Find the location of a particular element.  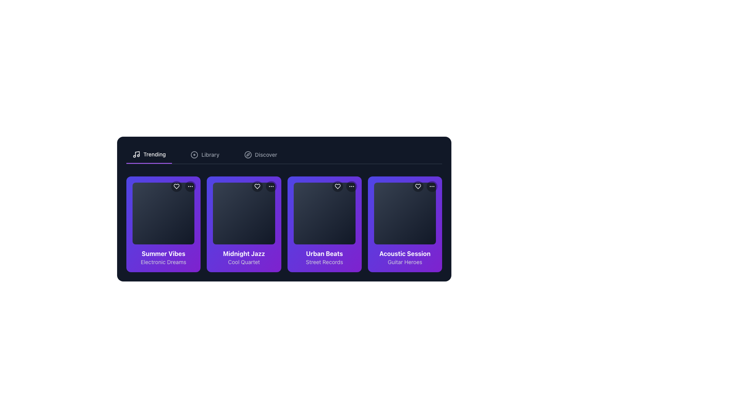

the text display element that shows 'Urban Beats' in bold white text and 'Street Records' in smaller gray text, located in the third card of a horizontal scrollable section is located at coordinates (324, 258).